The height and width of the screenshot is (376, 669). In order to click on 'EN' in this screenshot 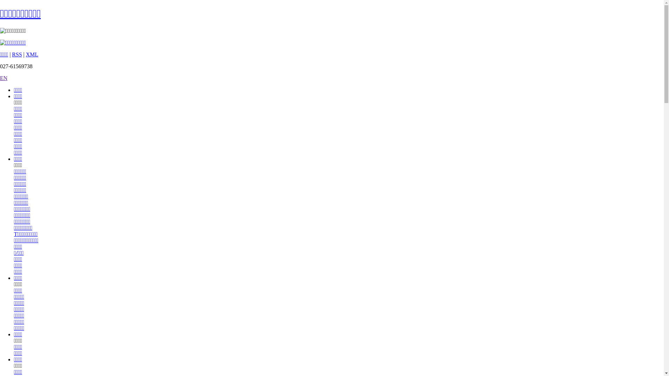, I will do `click(3, 78)`.